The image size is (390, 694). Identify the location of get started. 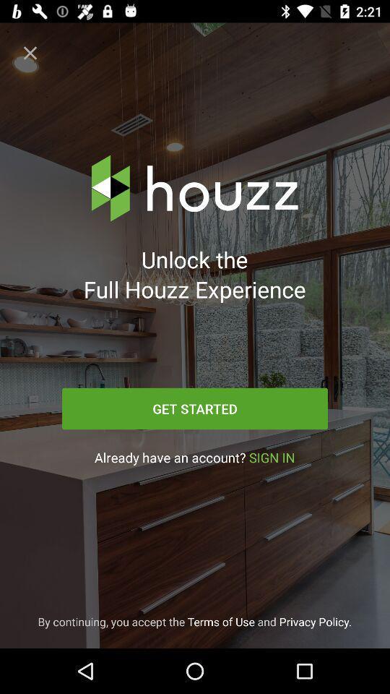
(195, 408).